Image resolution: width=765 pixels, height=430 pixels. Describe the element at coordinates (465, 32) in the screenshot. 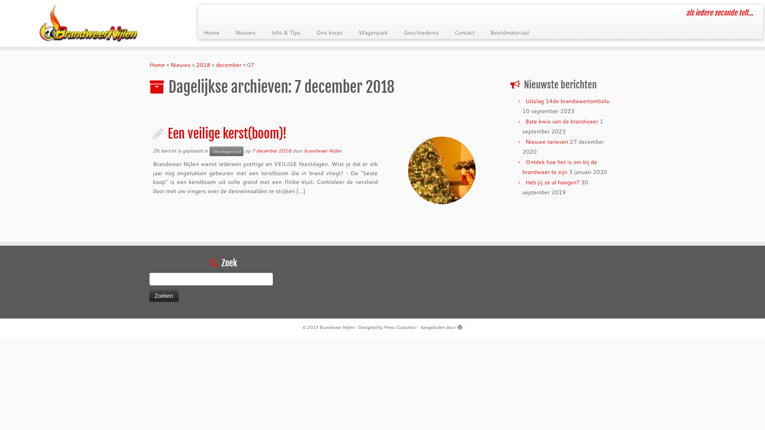

I see `'Contact'` at that location.